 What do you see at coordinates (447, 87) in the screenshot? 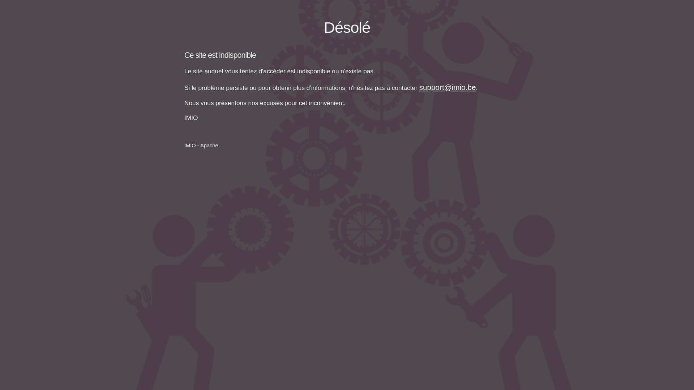
I see `'support@imio.be'` at bounding box center [447, 87].